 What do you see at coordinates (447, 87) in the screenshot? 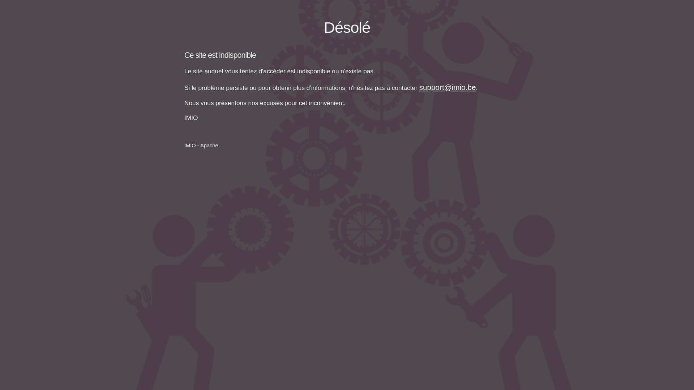
I see `'support@imio.be'` at bounding box center [447, 87].